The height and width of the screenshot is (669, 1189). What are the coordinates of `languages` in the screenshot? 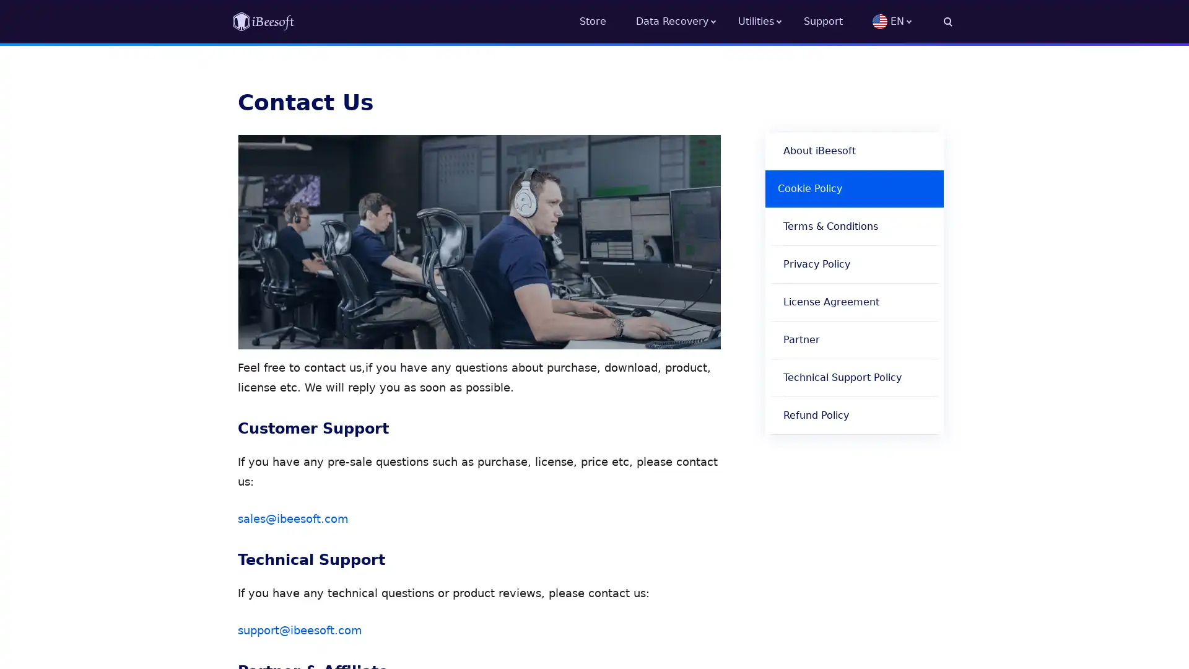 It's located at (912, 21).